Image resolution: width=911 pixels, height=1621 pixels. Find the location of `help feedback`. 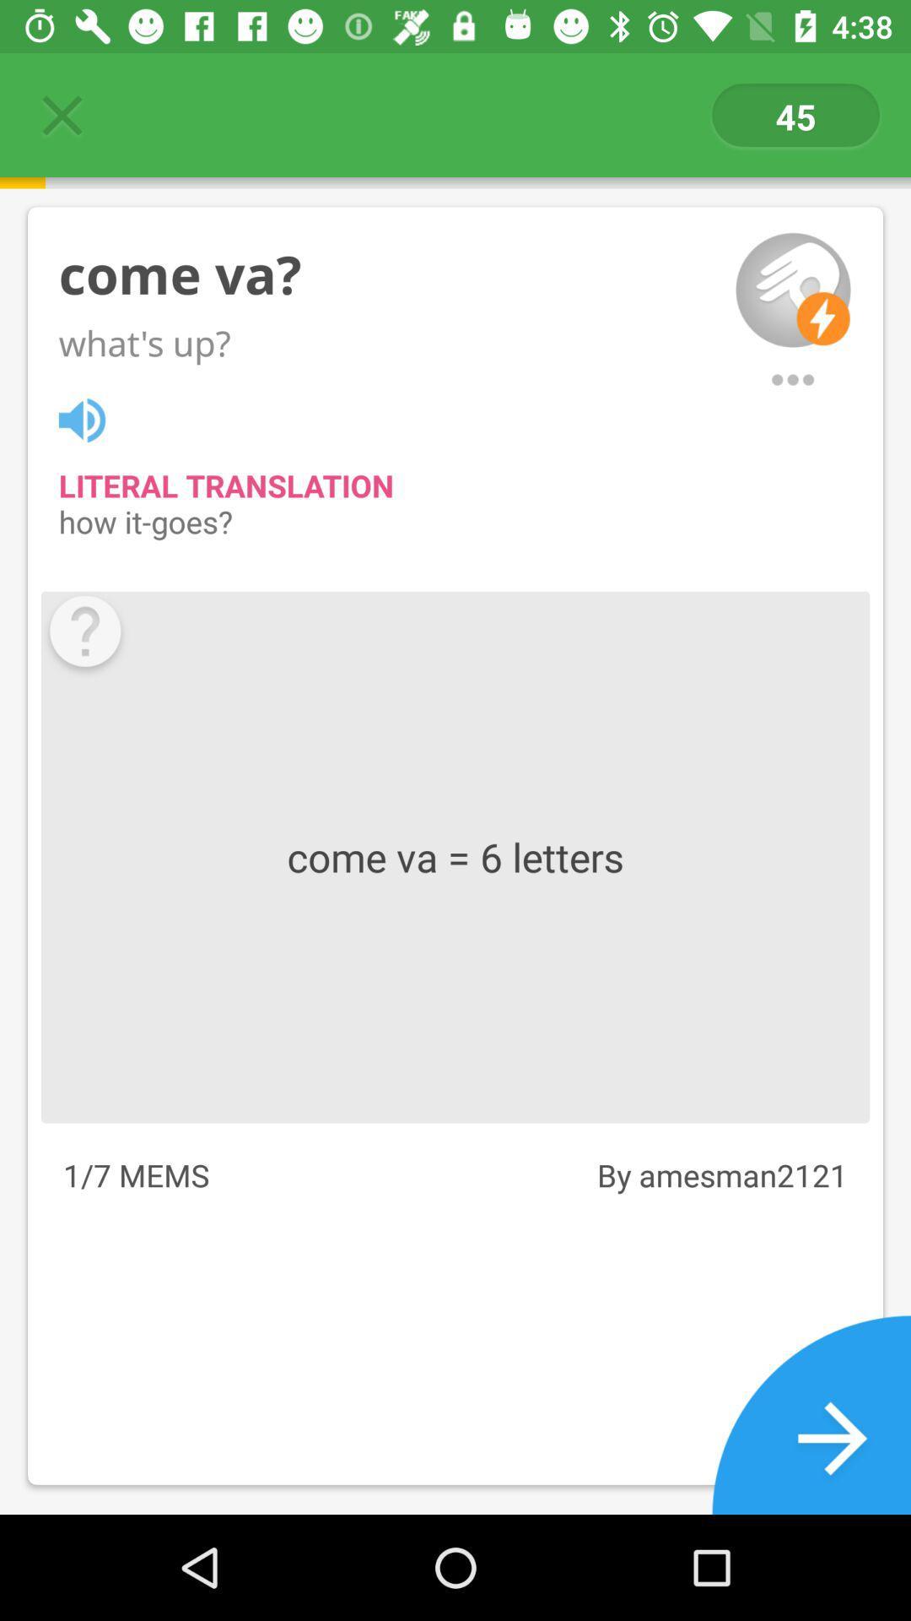

help feedback is located at coordinates (85, 635).